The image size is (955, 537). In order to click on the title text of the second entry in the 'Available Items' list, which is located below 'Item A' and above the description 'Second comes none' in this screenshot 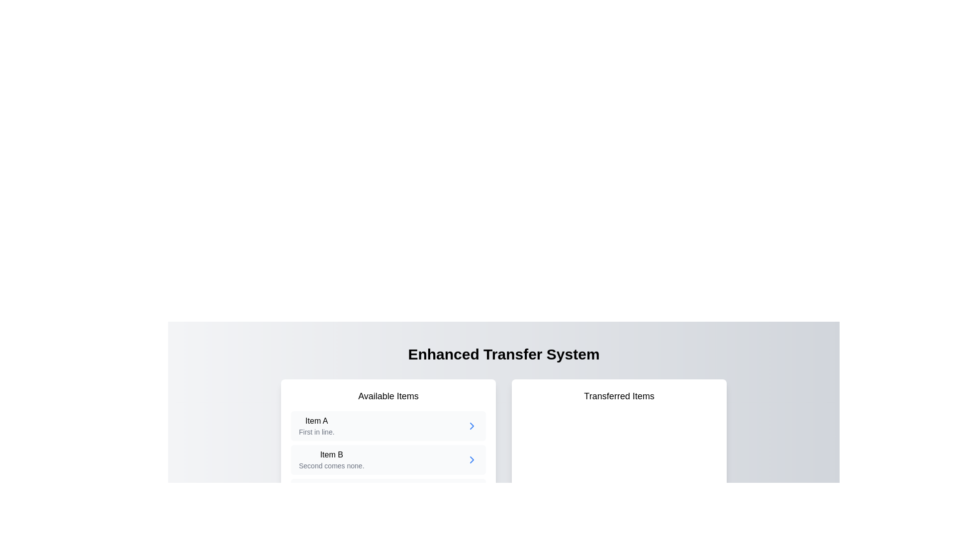, I will do `click(331, 454)`.